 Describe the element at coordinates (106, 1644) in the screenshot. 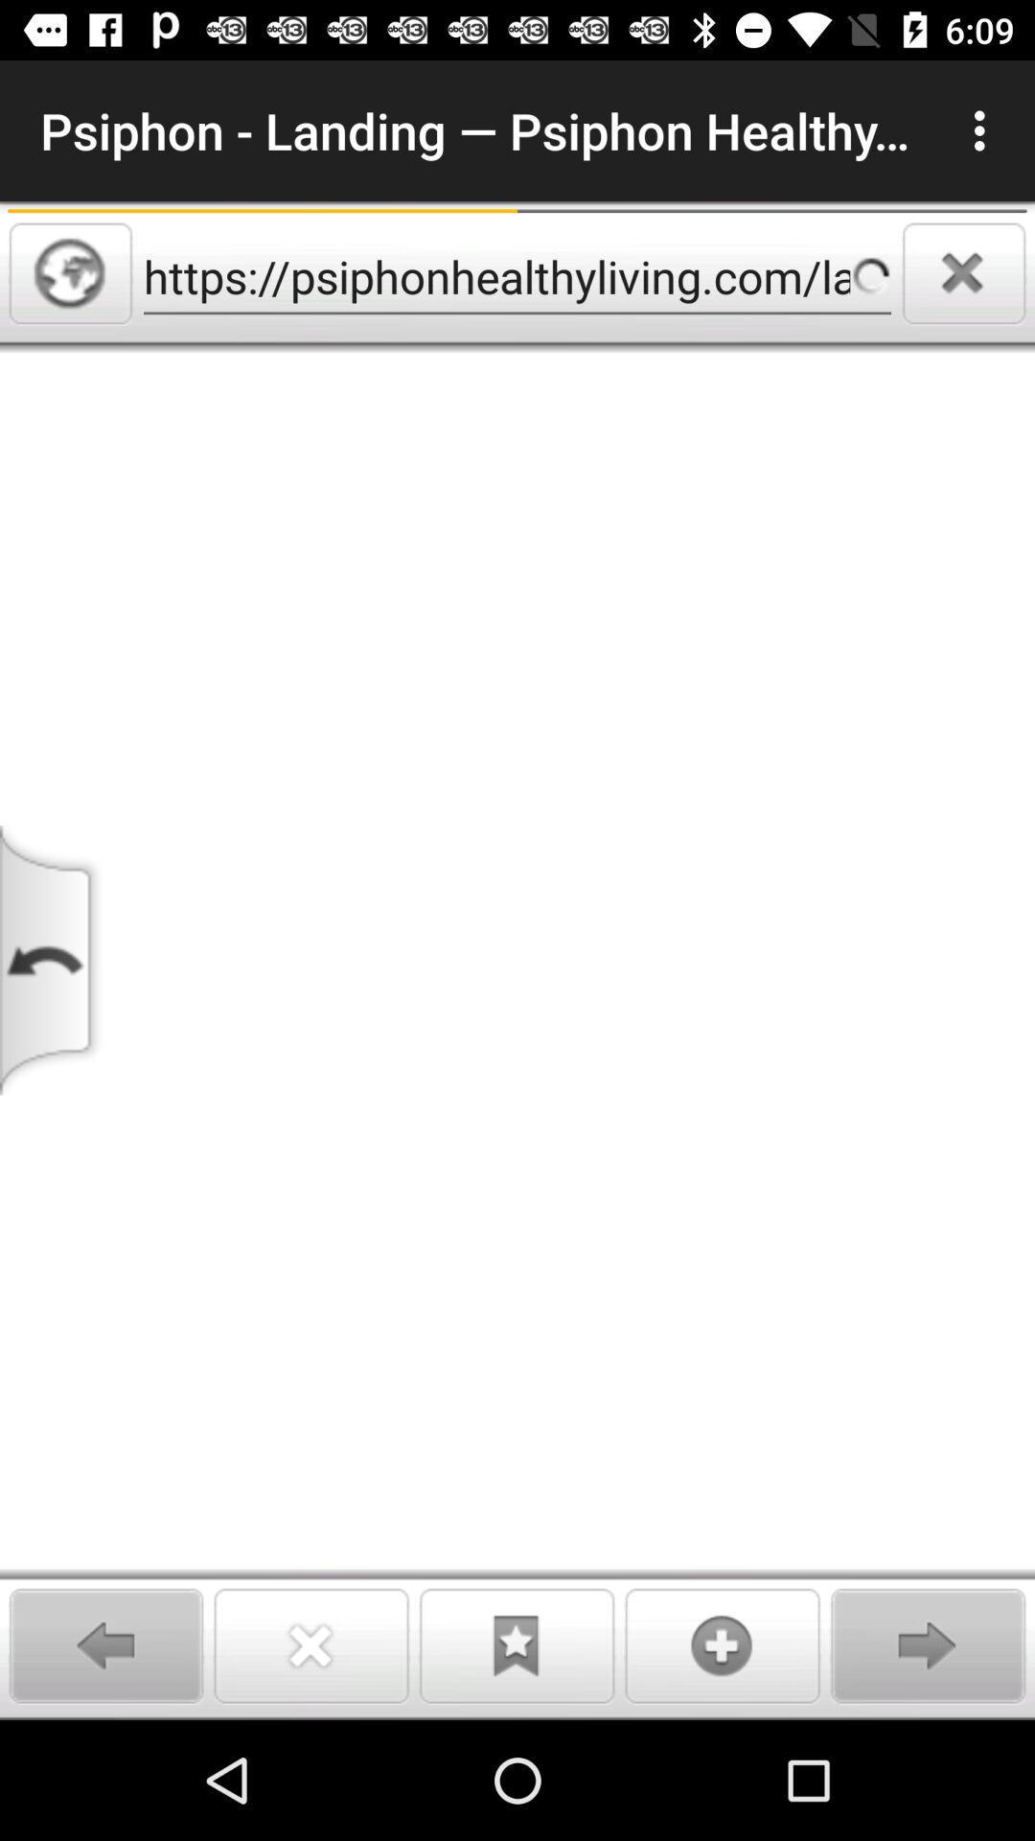

I see `the arrow_backward icon` at that location.